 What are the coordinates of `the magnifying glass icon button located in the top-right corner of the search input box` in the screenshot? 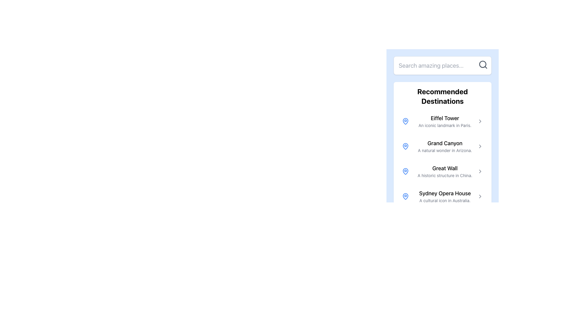 It's located at (483, 64).